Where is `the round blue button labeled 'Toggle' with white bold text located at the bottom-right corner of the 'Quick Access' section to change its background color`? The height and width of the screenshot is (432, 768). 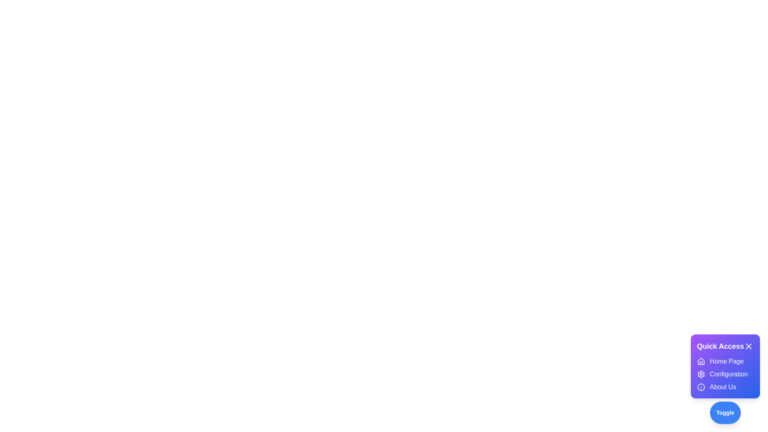 the round blue button labeled 'Toggle' with white bold text located at the bottom-right corner of the 'Quick Access' section to change its background color is located at coordinates (725, 413).